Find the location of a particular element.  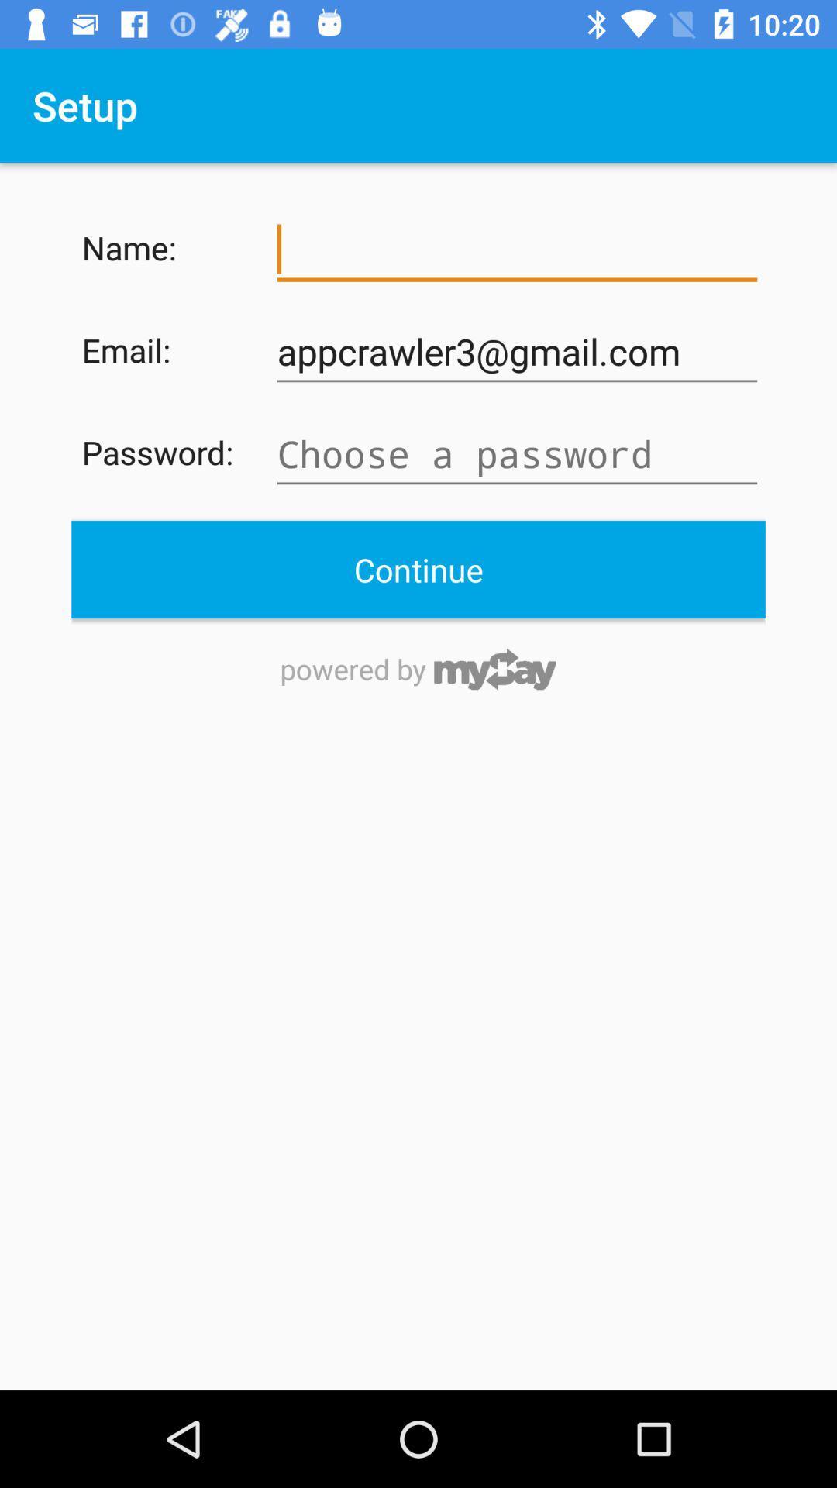

insert password is located at coordinates (517, 453).